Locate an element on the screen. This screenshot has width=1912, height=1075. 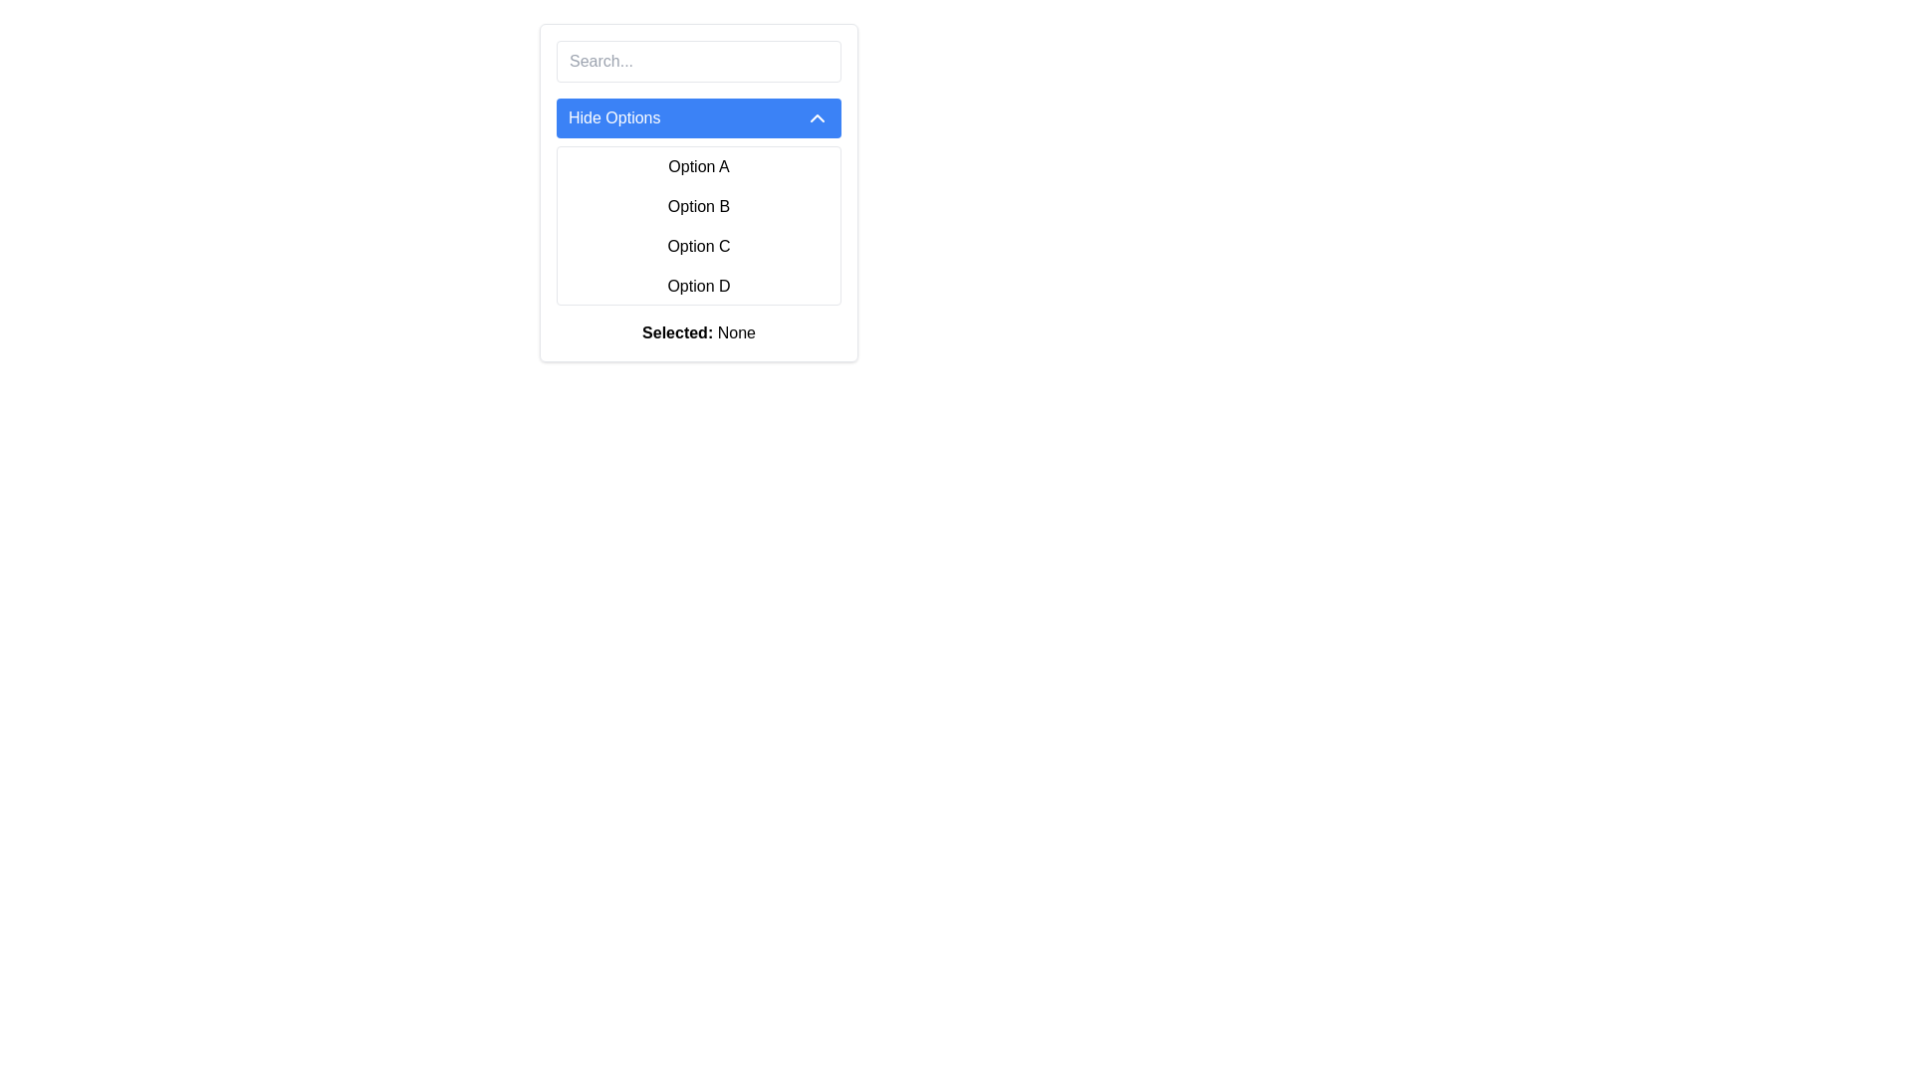
the text-based selectable option labeled 'Option D' in the dropdown list is located at coordinates (698, 287).